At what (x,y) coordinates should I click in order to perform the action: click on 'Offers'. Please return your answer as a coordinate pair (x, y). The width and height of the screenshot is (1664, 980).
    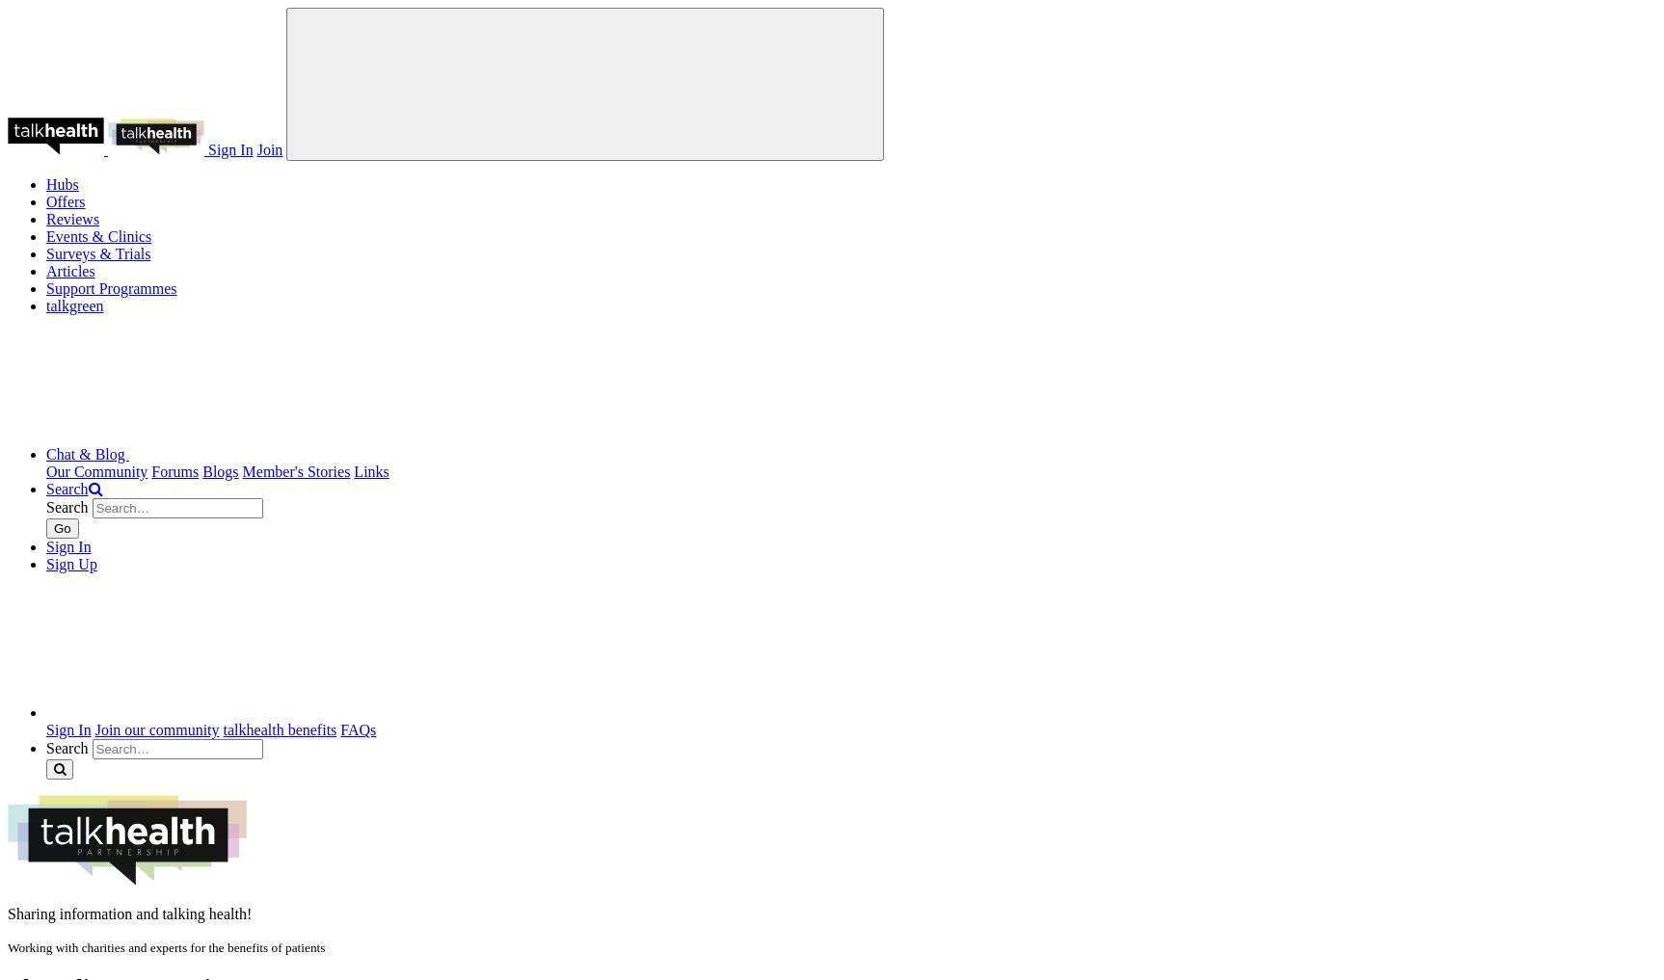
    Looking at the image, I should click on (45, 201).